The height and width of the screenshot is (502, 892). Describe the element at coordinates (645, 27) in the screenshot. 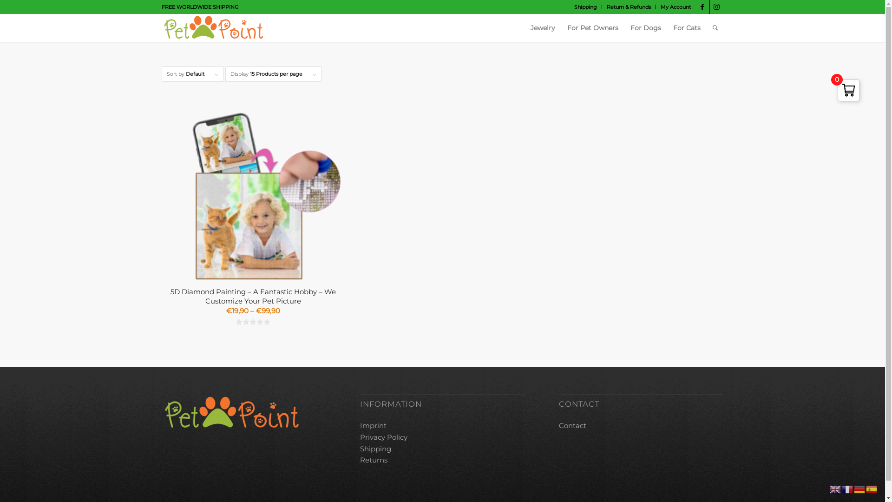

I see `'For Dogs'` at that location.